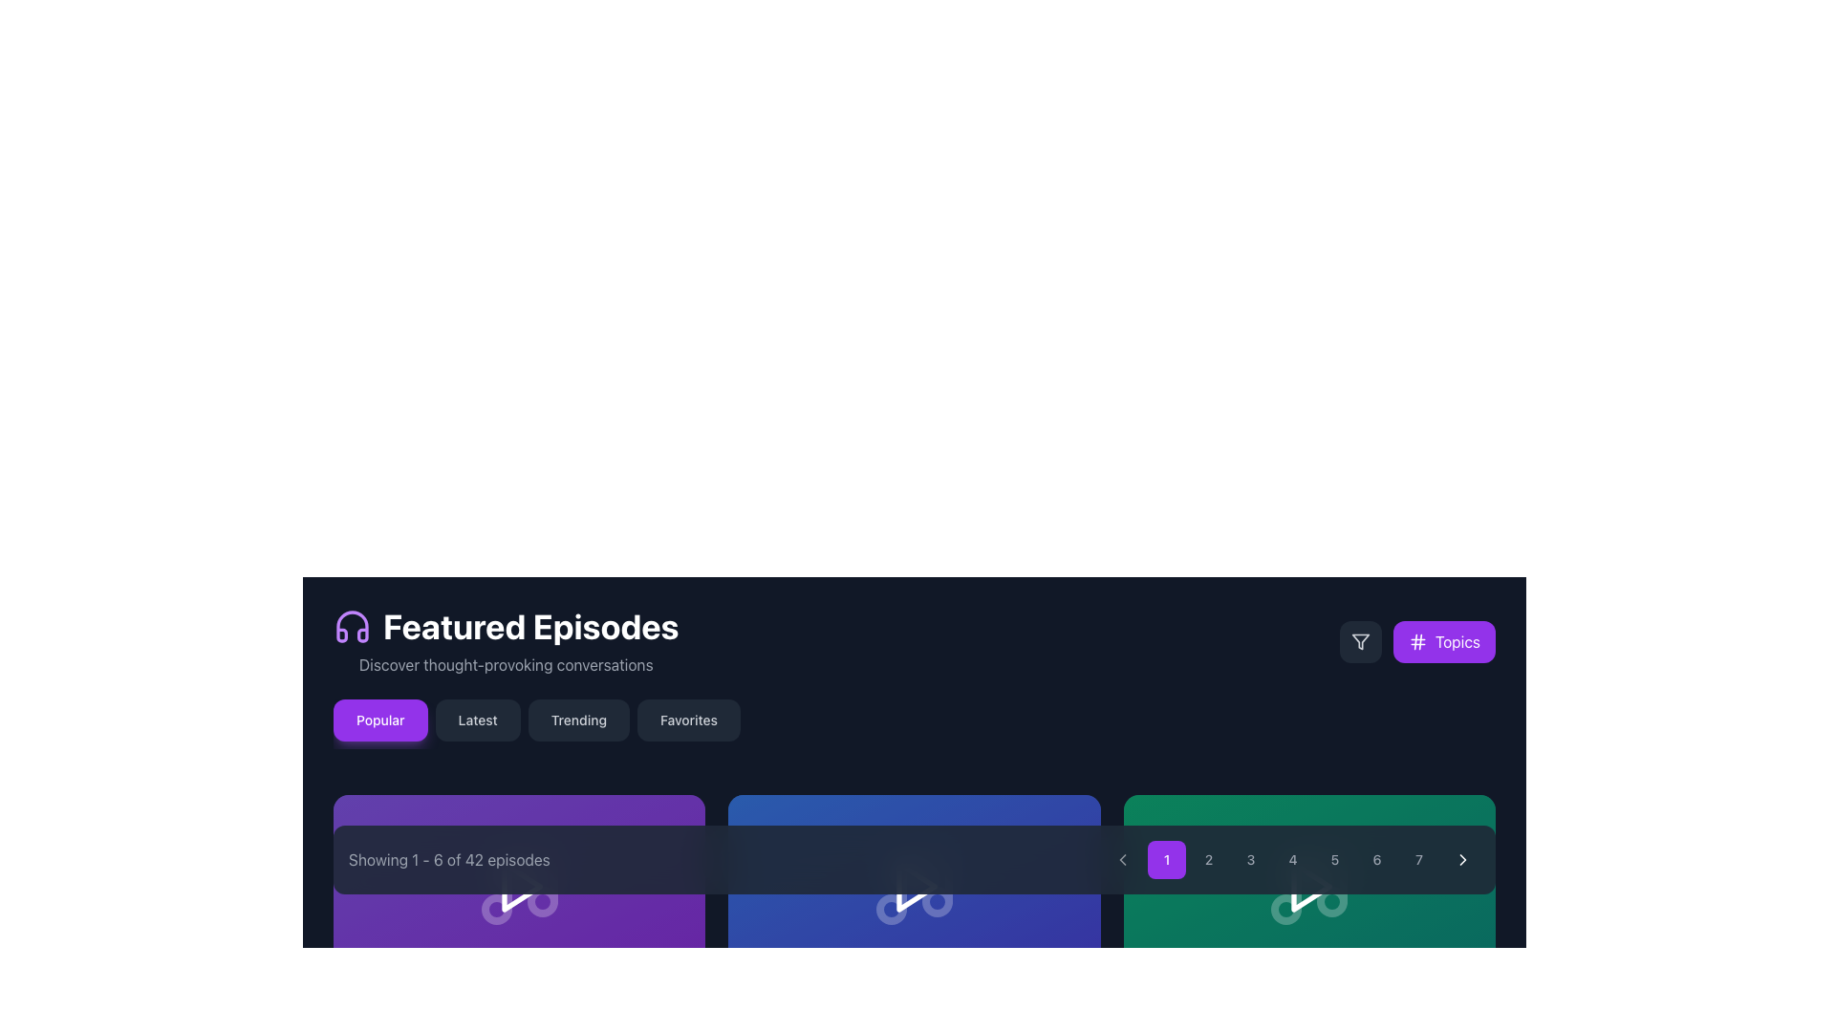  Describe the element at coordinates (380, 720) in the screenshot. I see `the 'Popular' filter button, which is the first in a row of four buttons located beneath the title 'Featured Episodes'` at that location.